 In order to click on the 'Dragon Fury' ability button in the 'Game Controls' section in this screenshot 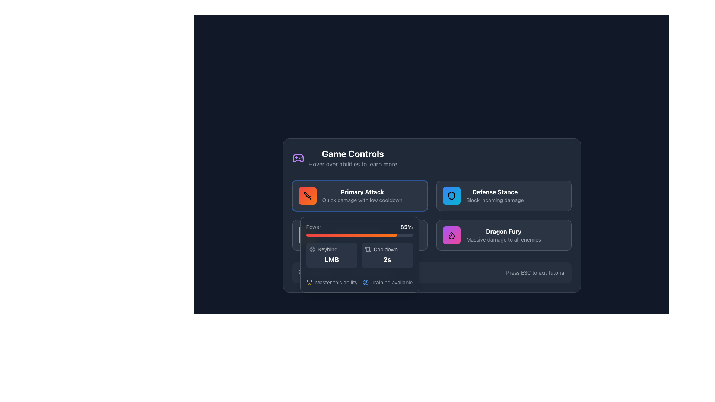, I will do `click(504, 235)`.